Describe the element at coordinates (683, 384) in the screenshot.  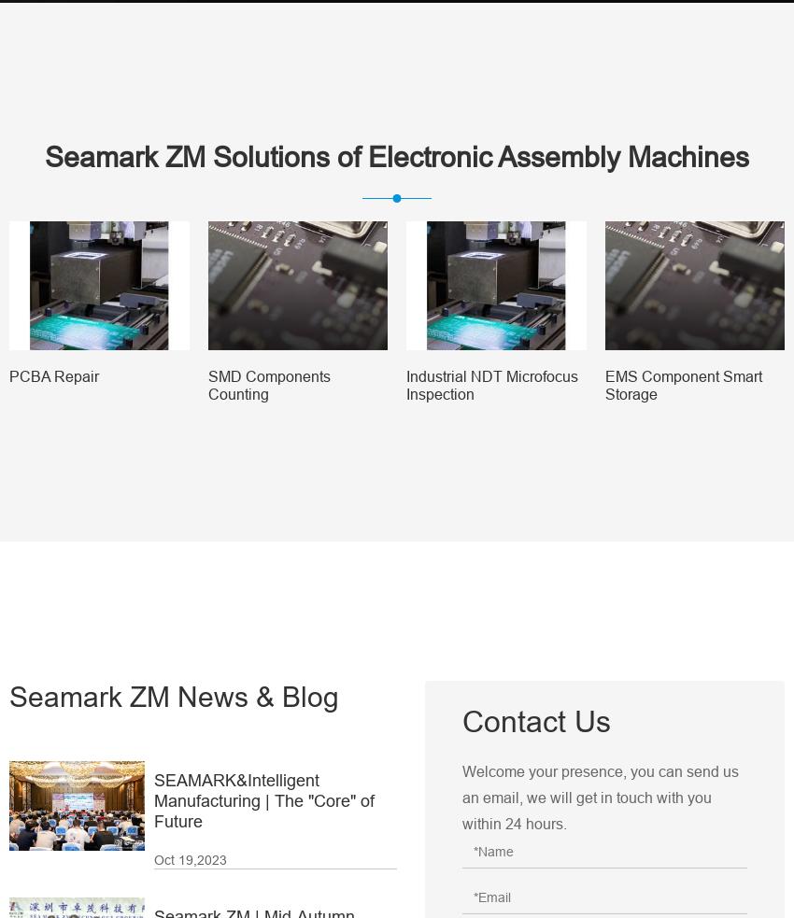
I see `'EMS Component Smart Storage'` at that location.